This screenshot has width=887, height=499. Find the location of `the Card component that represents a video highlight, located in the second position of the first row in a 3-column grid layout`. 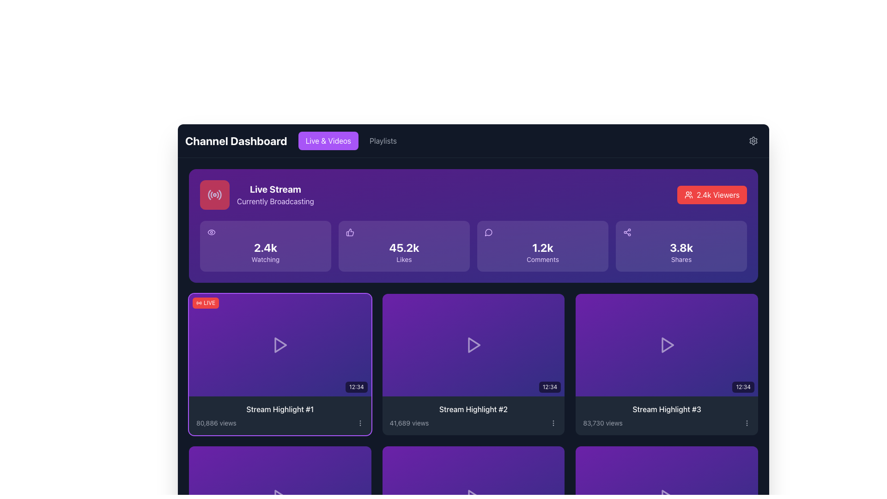

the Card component that represents a video highlight, located in the second position of the first row in a 3-column grid layout is located at coordinates (473, 364).